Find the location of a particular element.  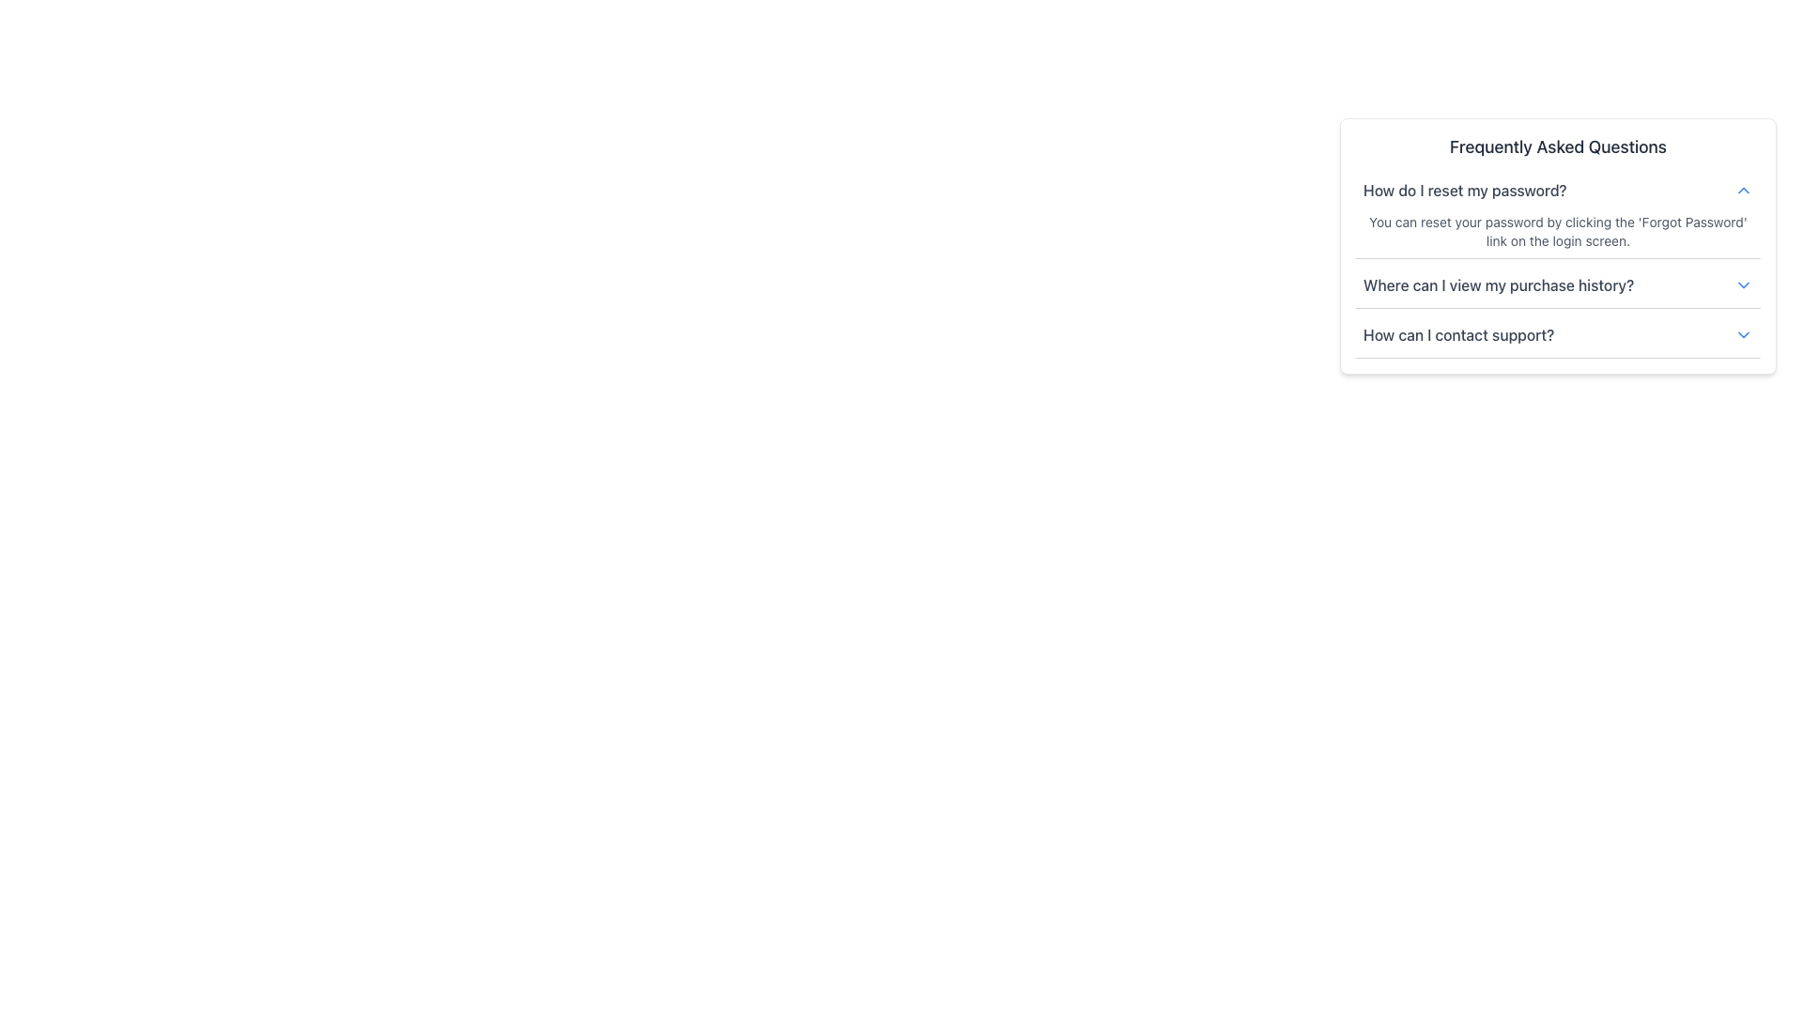

title text of the FAQ entry located on the left side of the FAQ section, just before the arrow icon is located at coordinates (1464, 191).